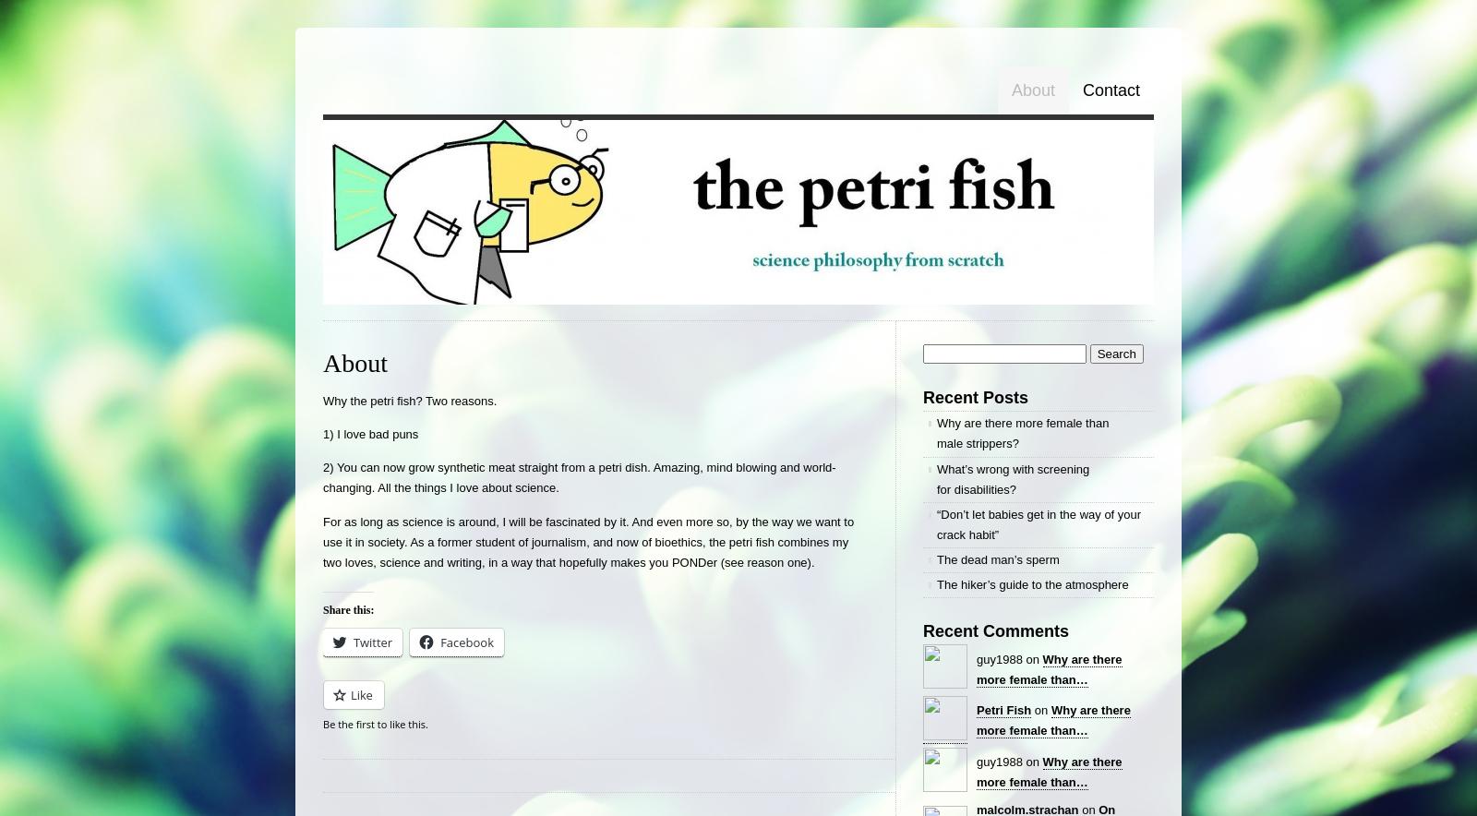  Describe the element at coordinates (369, 434) in the screenshot. I see `'1) I love bad puns'` at that location.